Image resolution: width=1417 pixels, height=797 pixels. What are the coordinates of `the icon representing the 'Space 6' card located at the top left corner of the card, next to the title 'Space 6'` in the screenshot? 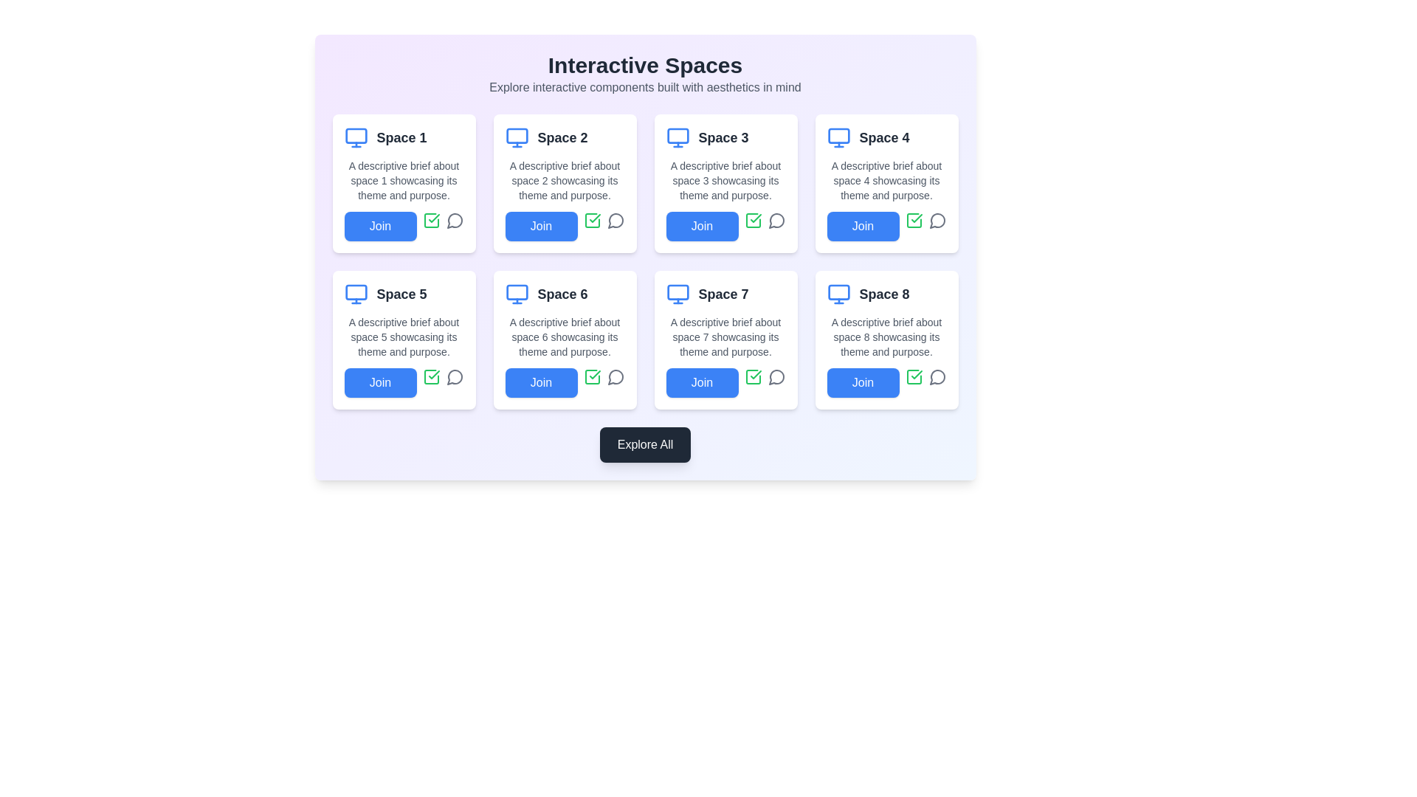 It's located at (517, 294).